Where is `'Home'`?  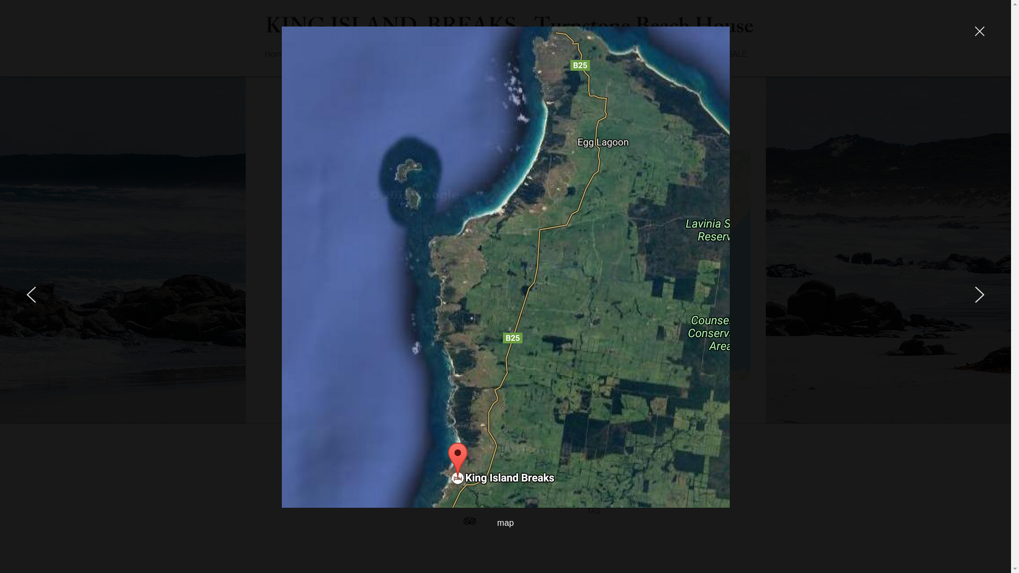 'Home' is located at coordinates (275, 54).